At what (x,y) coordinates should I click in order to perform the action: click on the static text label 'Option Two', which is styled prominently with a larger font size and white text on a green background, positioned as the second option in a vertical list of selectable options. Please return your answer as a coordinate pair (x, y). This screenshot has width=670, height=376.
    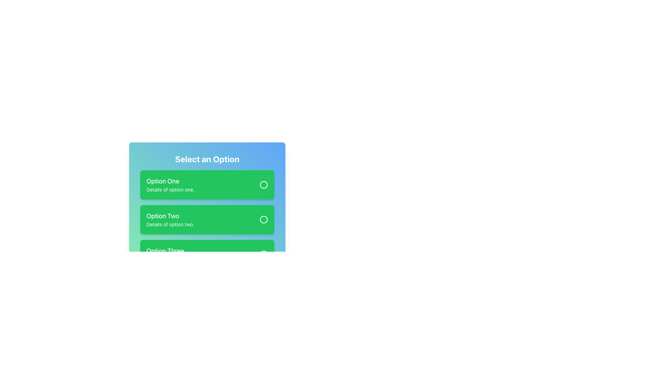
    Looking at the image, I should click on (170, 216).